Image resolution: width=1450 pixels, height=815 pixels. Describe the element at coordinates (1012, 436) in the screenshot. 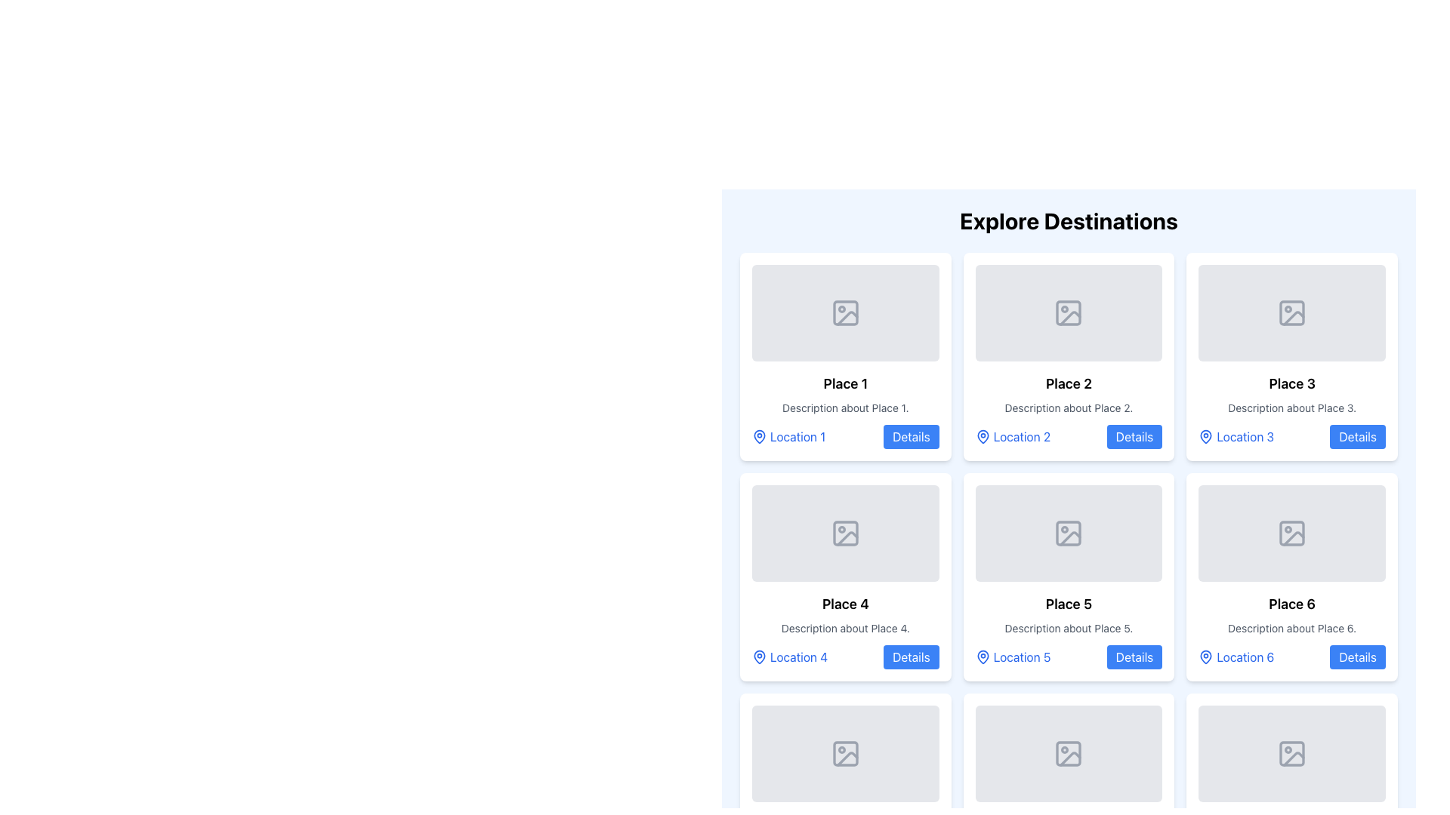

I see `the Interactive Text with Icon for 'Location 2'` at that location.